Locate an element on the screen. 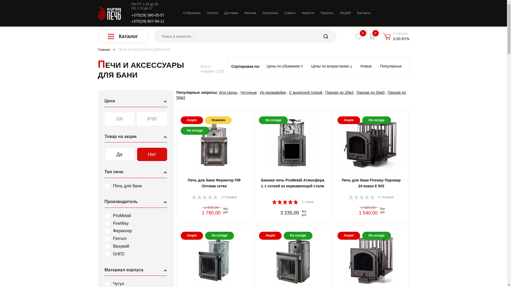 Image resolution: width=511 pixels, height=287 pixels. '+375(29) 380-05-57' is located at coordinates (148, 15).